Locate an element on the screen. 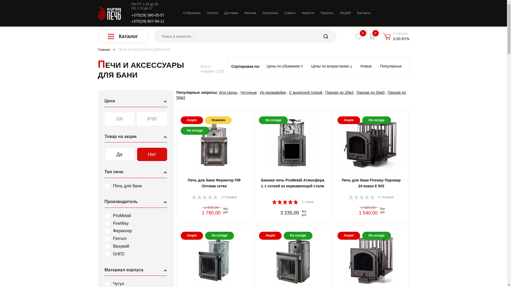 Image resolution: width=511 pixels, height=287 pixels. '+375(29) 380-05-57' is located at coordinates (148, 15).